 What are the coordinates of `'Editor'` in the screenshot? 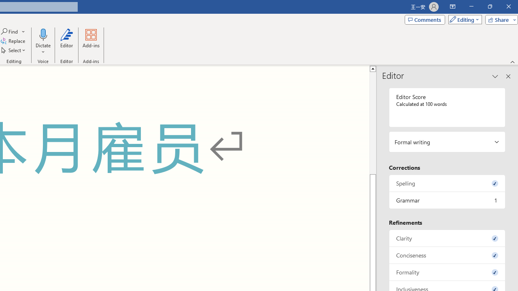 It's located at (66, 42).